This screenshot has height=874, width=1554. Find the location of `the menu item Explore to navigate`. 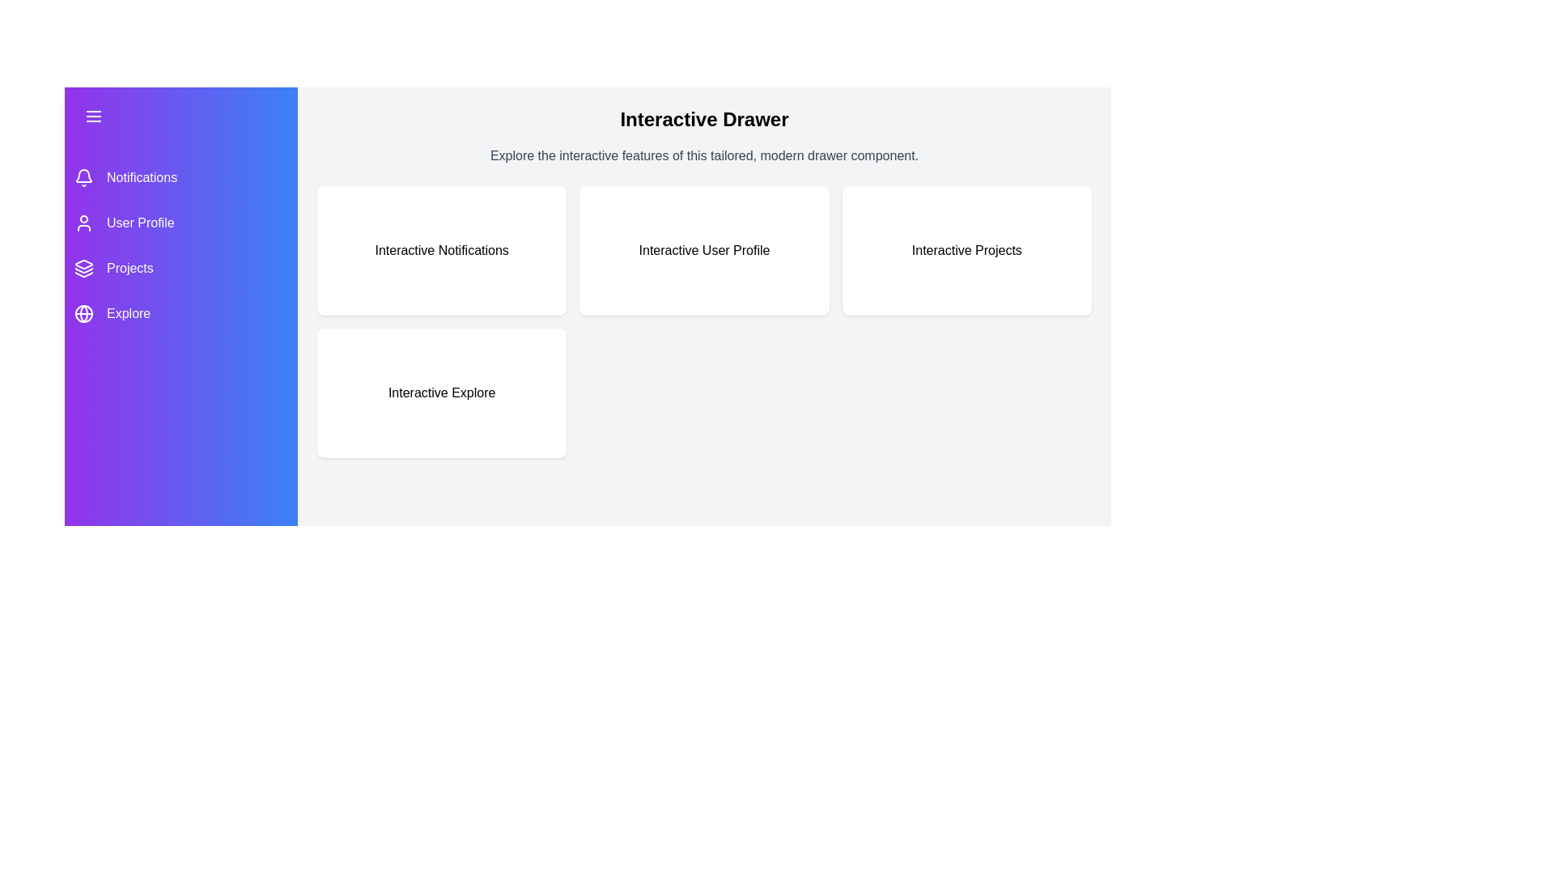

the menu item Explore to navigate is located at coordinates (181, 314).